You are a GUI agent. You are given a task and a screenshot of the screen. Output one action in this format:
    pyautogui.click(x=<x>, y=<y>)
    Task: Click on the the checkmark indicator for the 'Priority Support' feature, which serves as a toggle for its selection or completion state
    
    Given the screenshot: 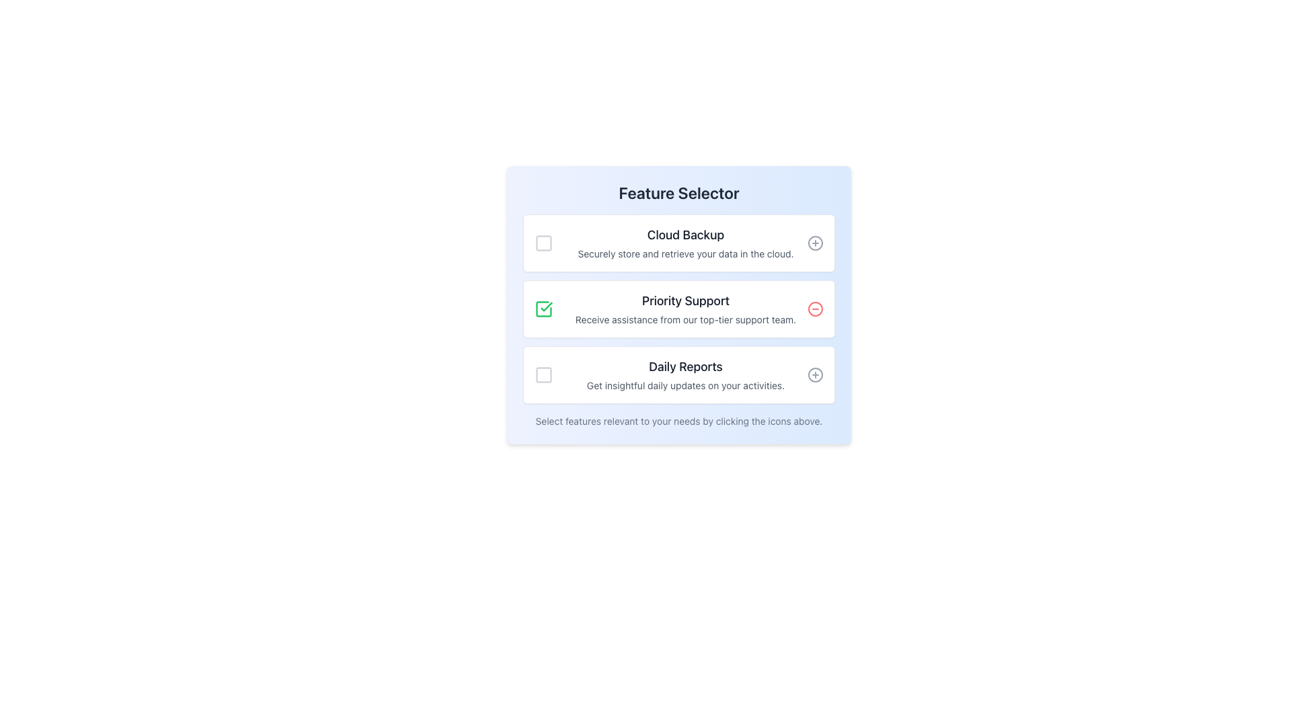 What is the action you would take?
    pyautogui.click(x=547, y=307)
    